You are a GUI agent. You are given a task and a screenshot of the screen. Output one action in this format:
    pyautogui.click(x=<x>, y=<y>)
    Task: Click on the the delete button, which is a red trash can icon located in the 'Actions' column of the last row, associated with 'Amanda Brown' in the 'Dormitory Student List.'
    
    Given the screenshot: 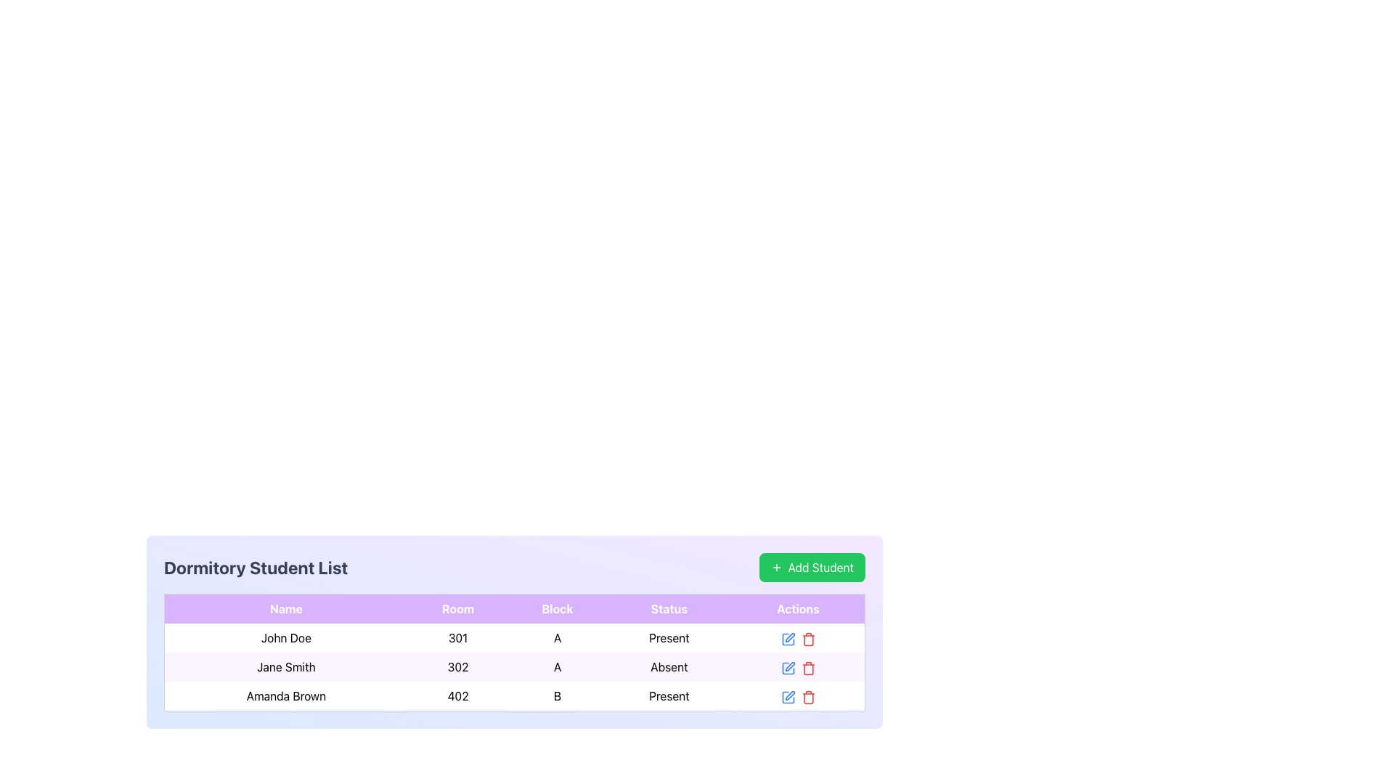 What is the action you would take?
    pyautogui.click(x=797, y=695)
    